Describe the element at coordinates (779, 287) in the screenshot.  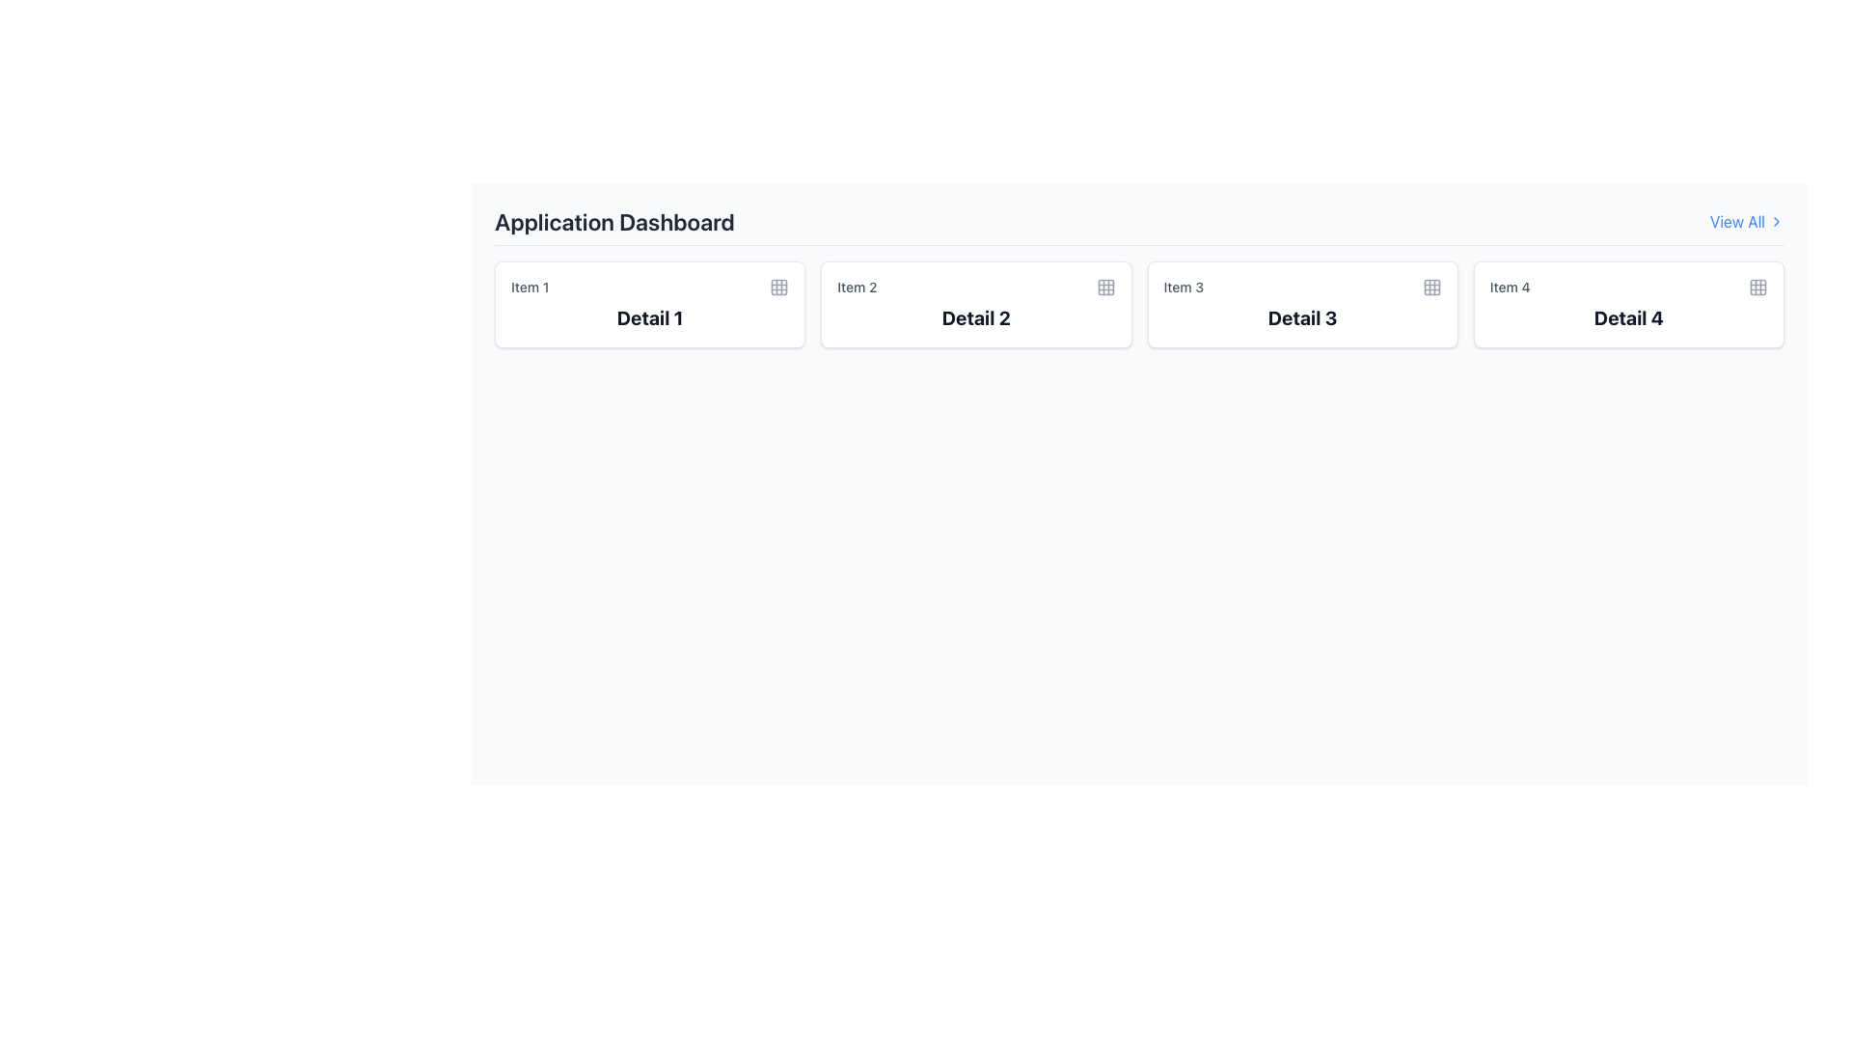
I see `the layout toggle icon located at the far-right corner of the 'Item 1' card` at that location.